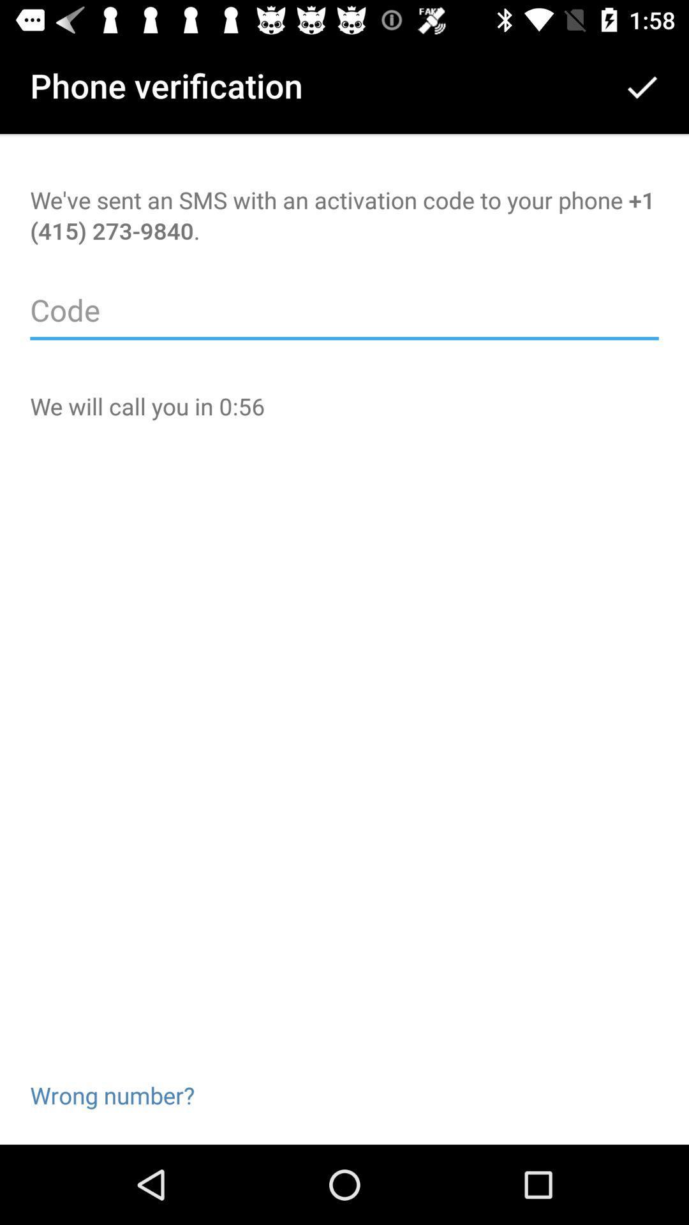 The image size is (689, 1225). I want to click on the wrong number? item, so click(112, 1074).